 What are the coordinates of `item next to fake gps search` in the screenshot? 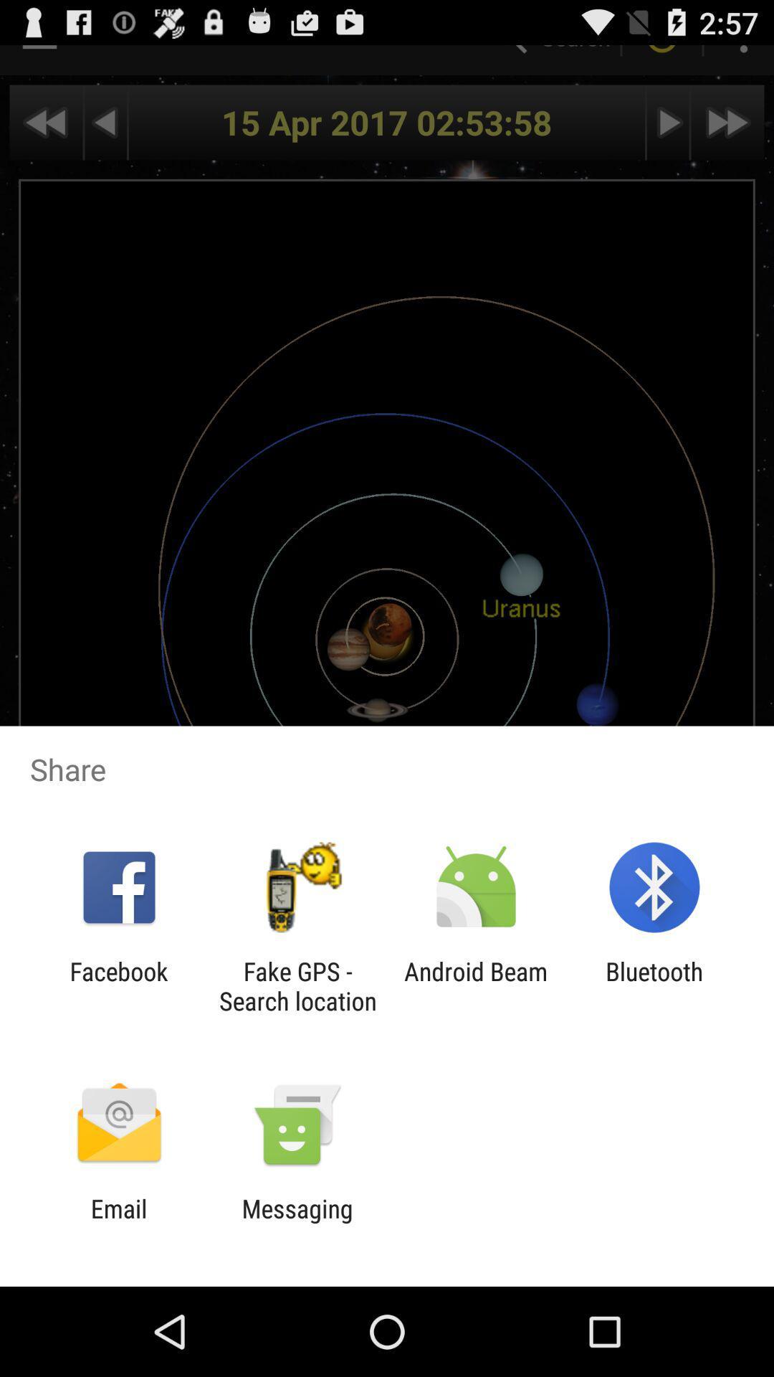 It's located at (118, 985).